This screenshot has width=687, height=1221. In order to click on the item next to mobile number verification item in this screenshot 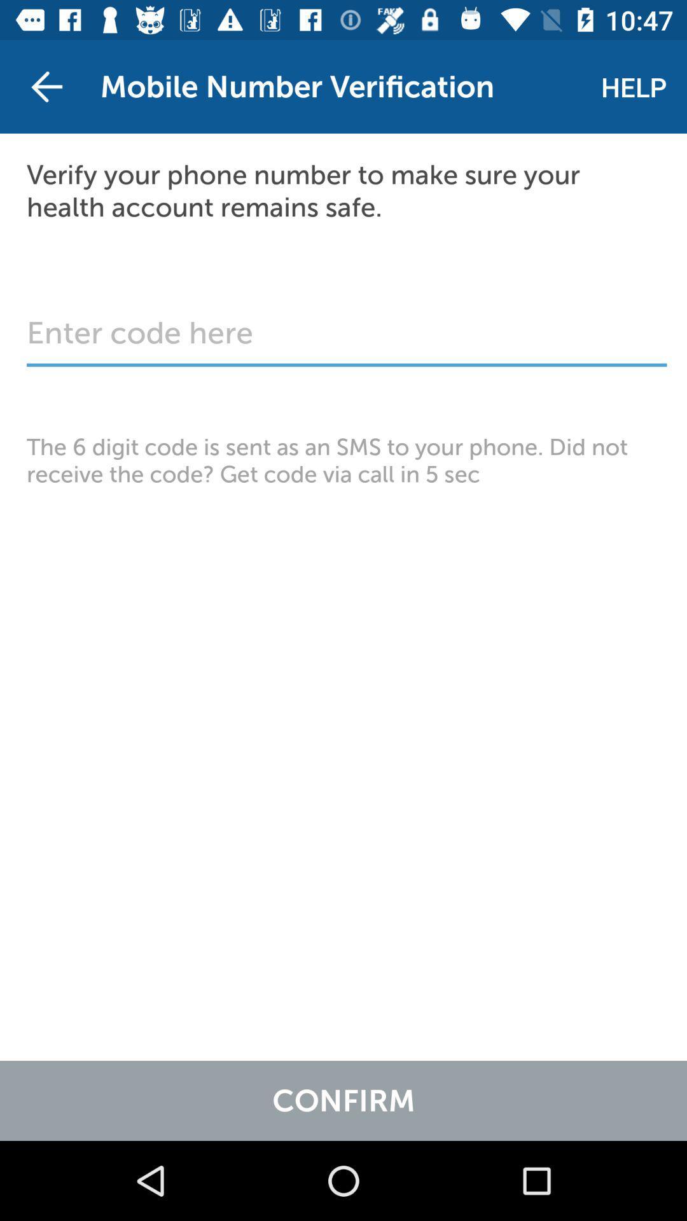, I will do `click(634, 86)`.